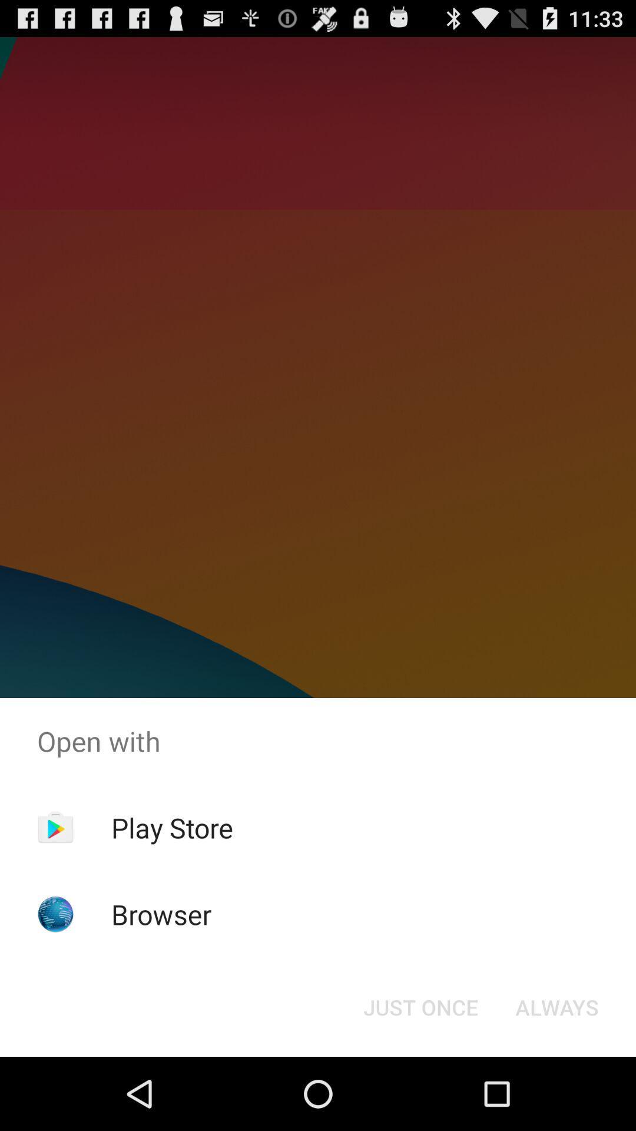  I want to click on just once, so click(420, 1006).